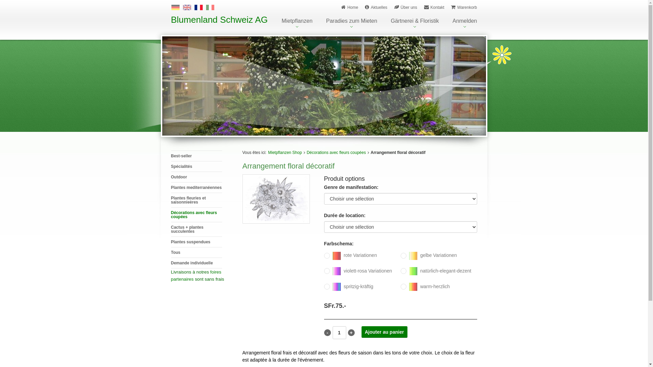 The width and height of the screenshot is (653, 367). I want to click on 'Warenkorb', so click(463, 7).